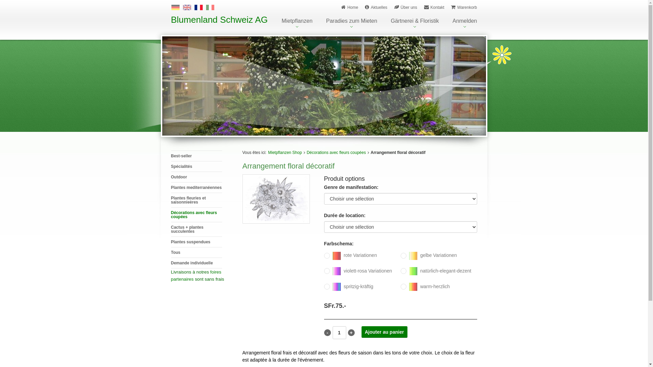 The width and height of the screenshot is (653, 367). I want to click on 'Warenkorb', so click(463, 7).